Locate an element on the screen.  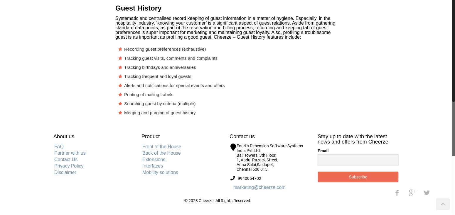
'Bali Towers, 5th Floor,' is located at coordinates (236, 155).